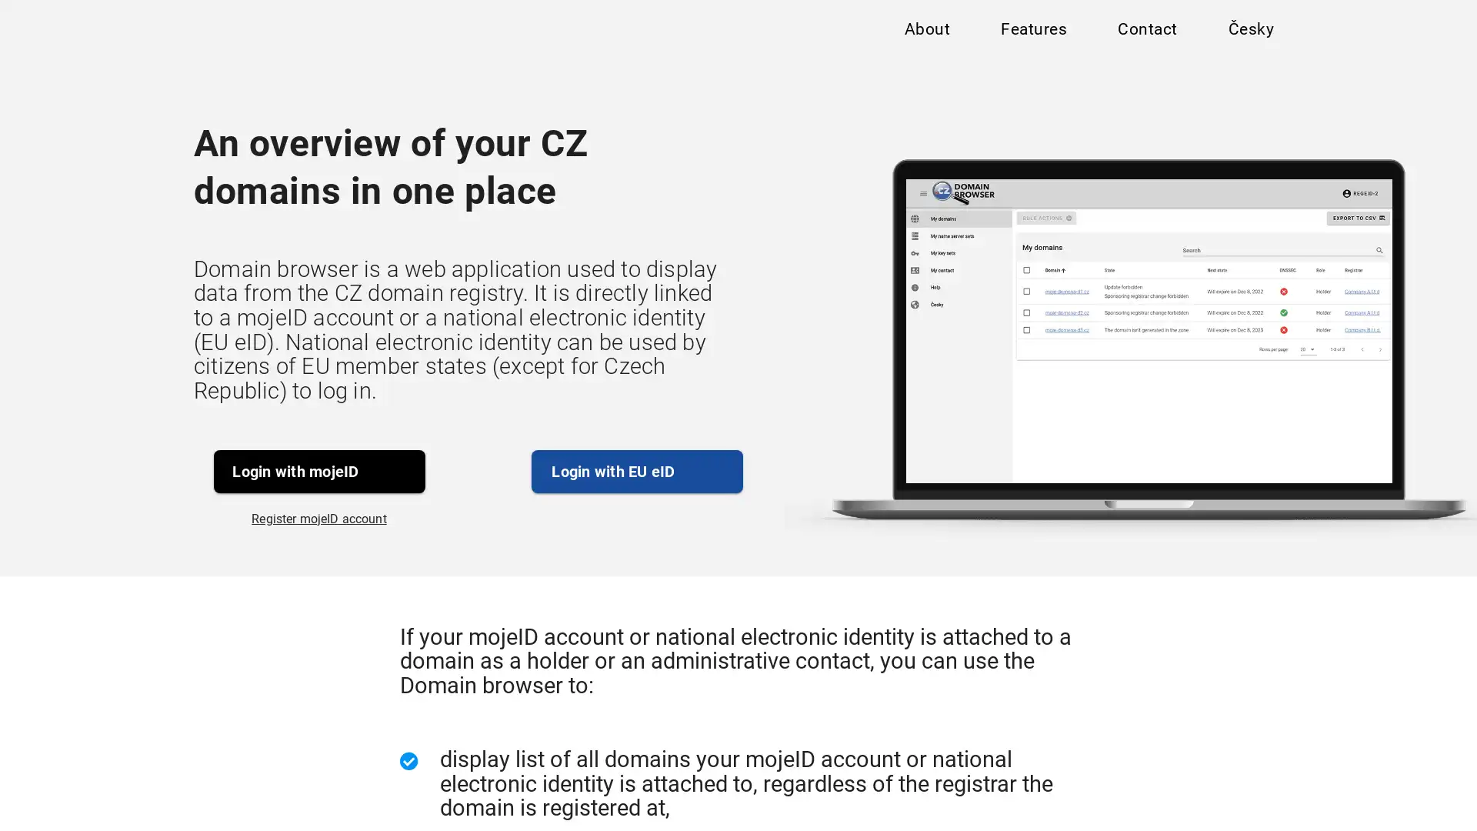 This screenshot has width=1477, height=831. I want to click on About, so click(925, 32).